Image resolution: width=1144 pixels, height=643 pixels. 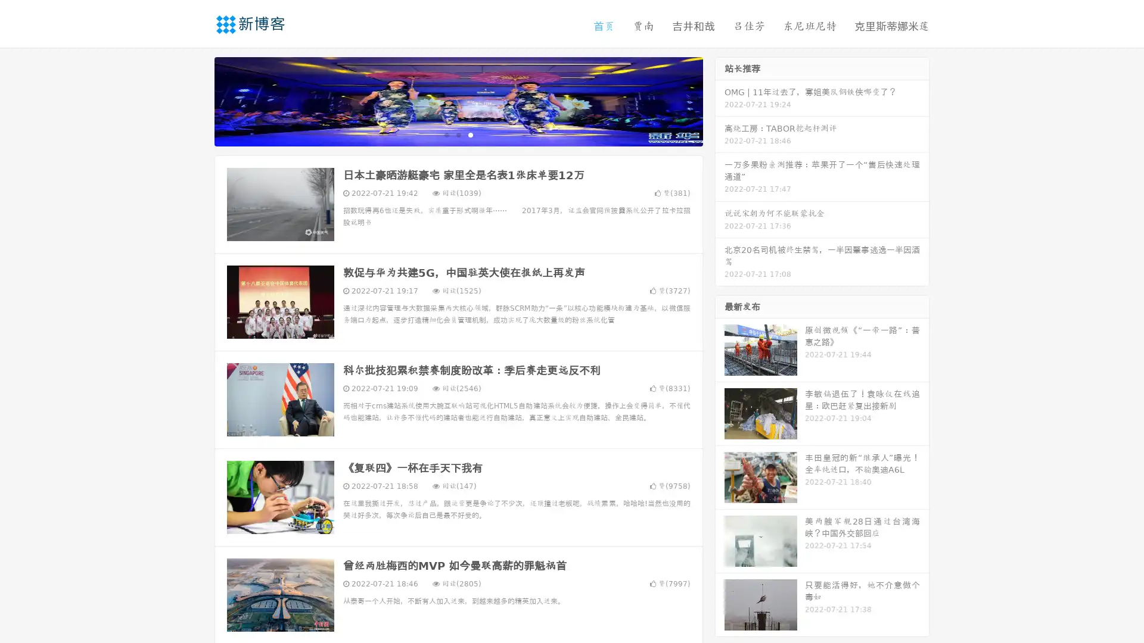 What do you see at coordinates (720, 100) in the screenshot?
I see `Next slide` at bounding box center [720, 100].